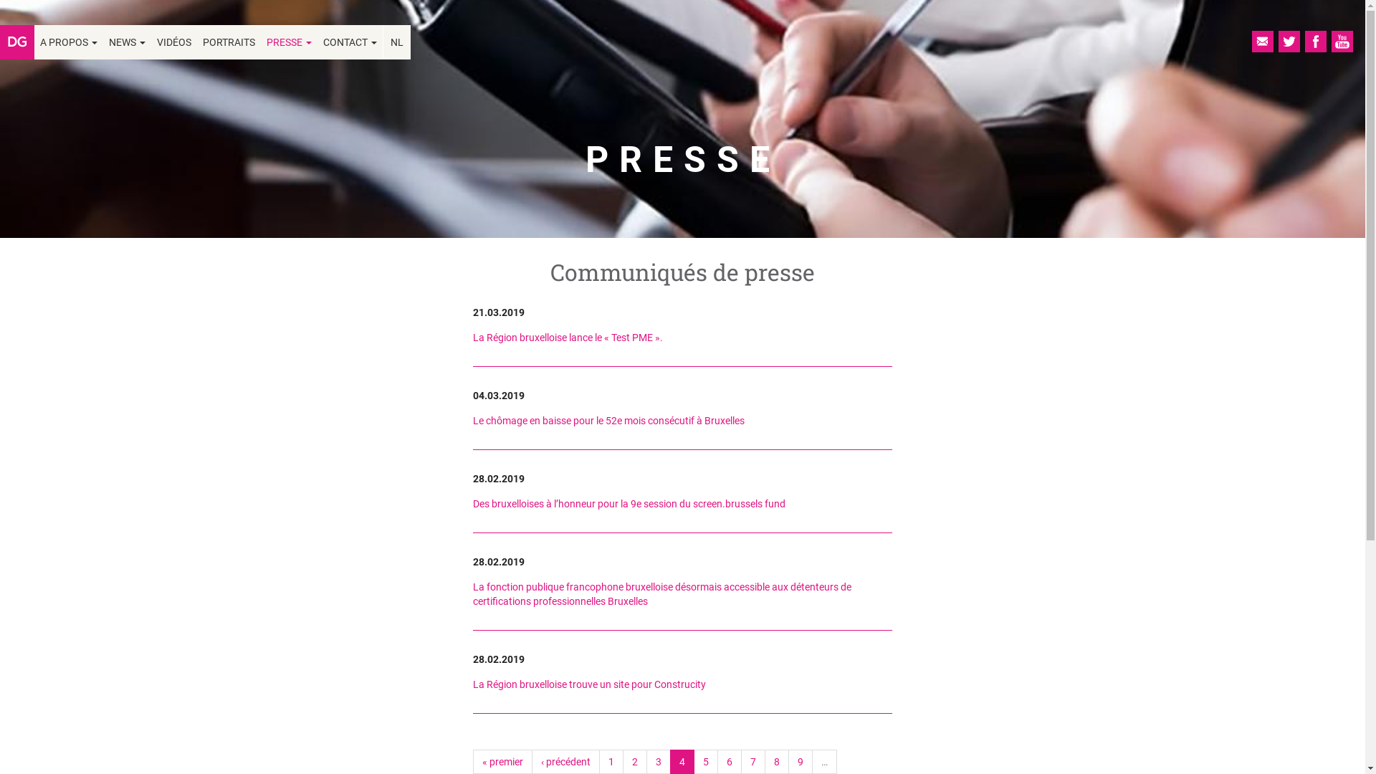  What do you see at coordinates (1341, 40) in the screenshot?
I see `'Youtube'` at bounding box center [1341, 40].